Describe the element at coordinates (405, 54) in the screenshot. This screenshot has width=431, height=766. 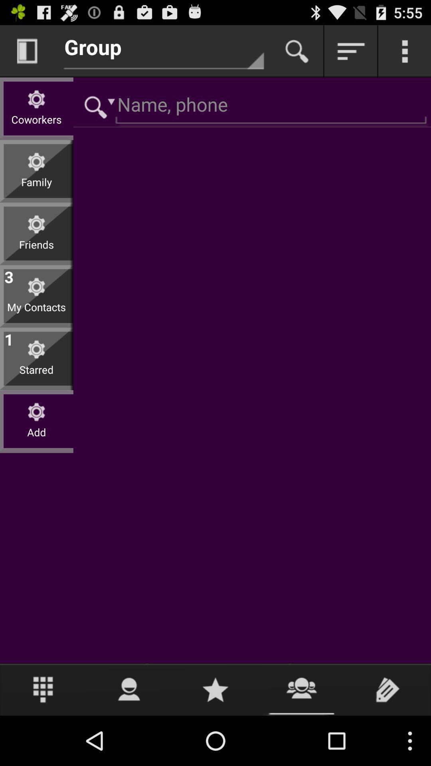
I see `the more icon` at that location.